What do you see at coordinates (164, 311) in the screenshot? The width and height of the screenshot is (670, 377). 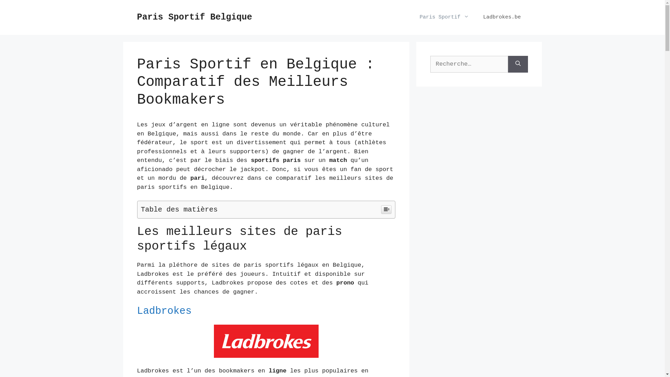 I see `'Ladbrokes'` at bounding box center [164, 311].